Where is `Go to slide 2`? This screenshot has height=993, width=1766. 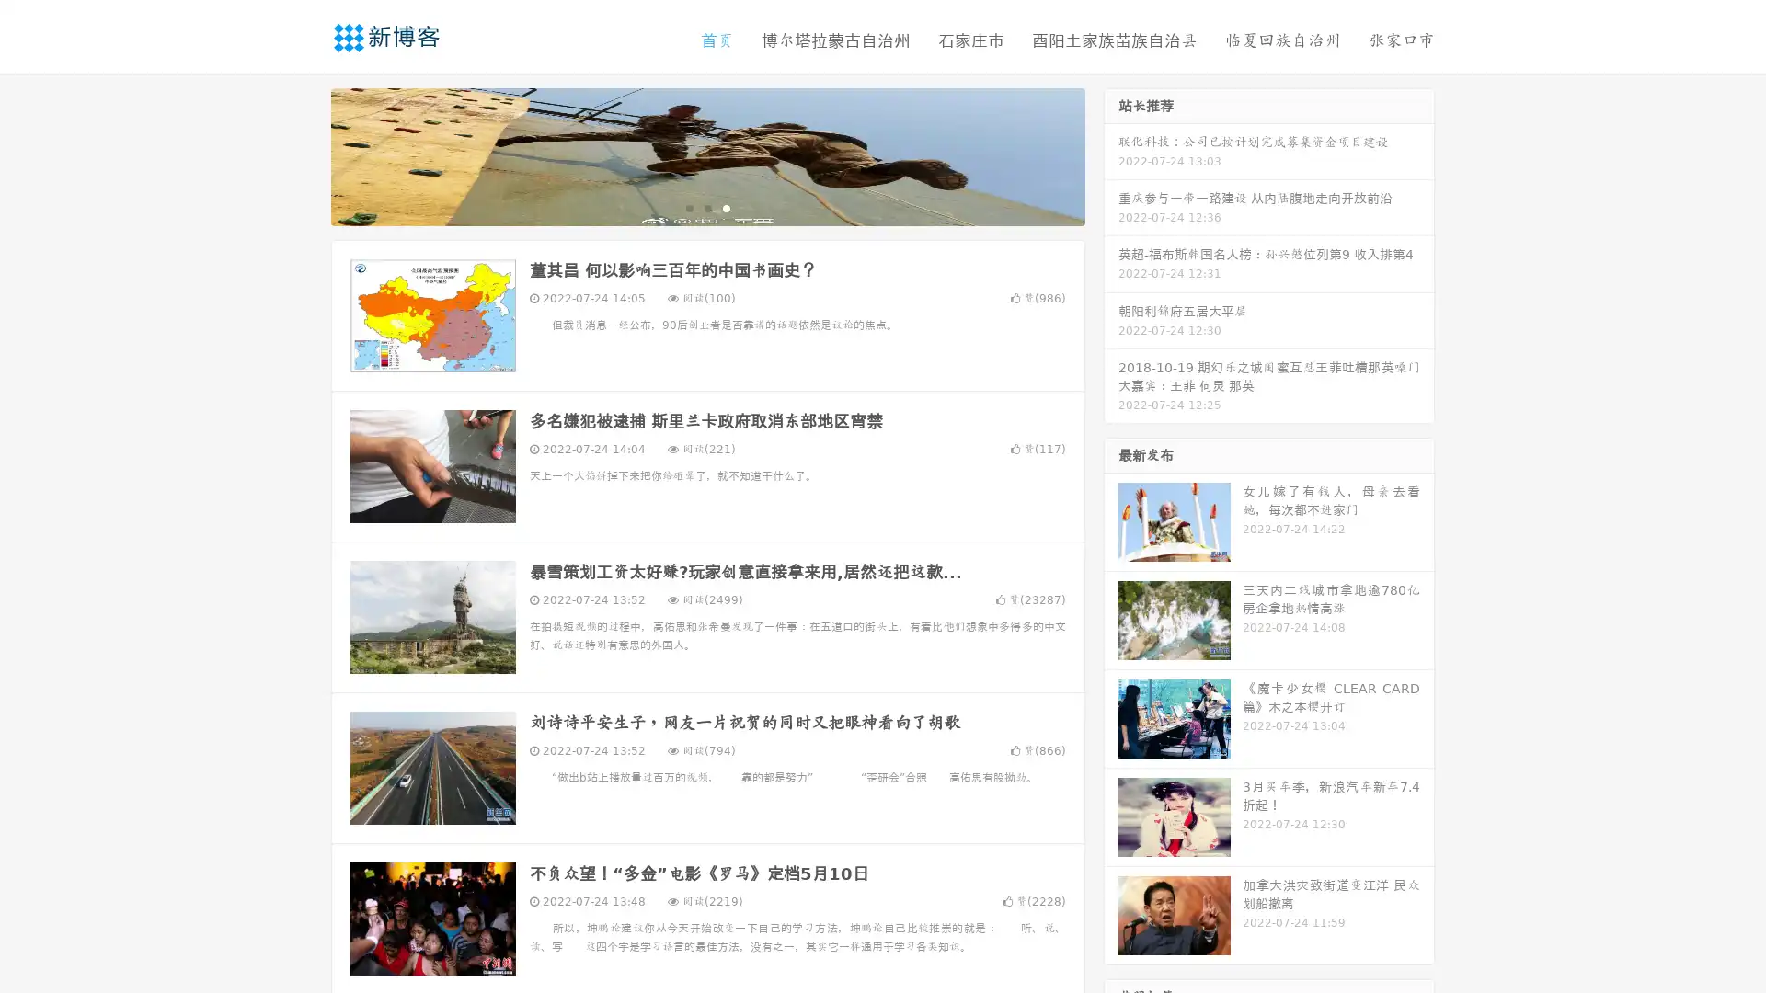 Go to slide 2 is located at coordinates (706, 207).